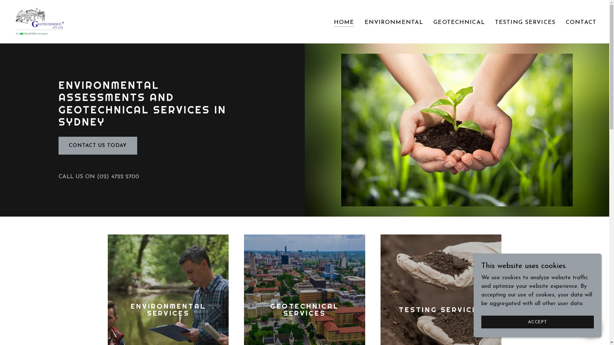 This screenshot has width=614, height=345. I want to click on 'ENVIRONMENTAL', so click(394, 22).